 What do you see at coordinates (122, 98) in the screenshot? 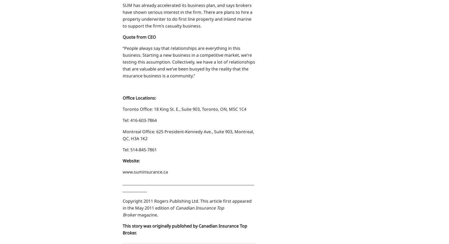
I see `'Office Locations:'` at bounding box center [122, 98].